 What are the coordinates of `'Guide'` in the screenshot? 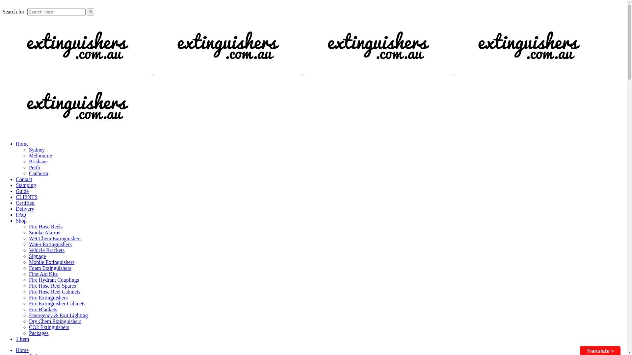 It's located at (22, 191).